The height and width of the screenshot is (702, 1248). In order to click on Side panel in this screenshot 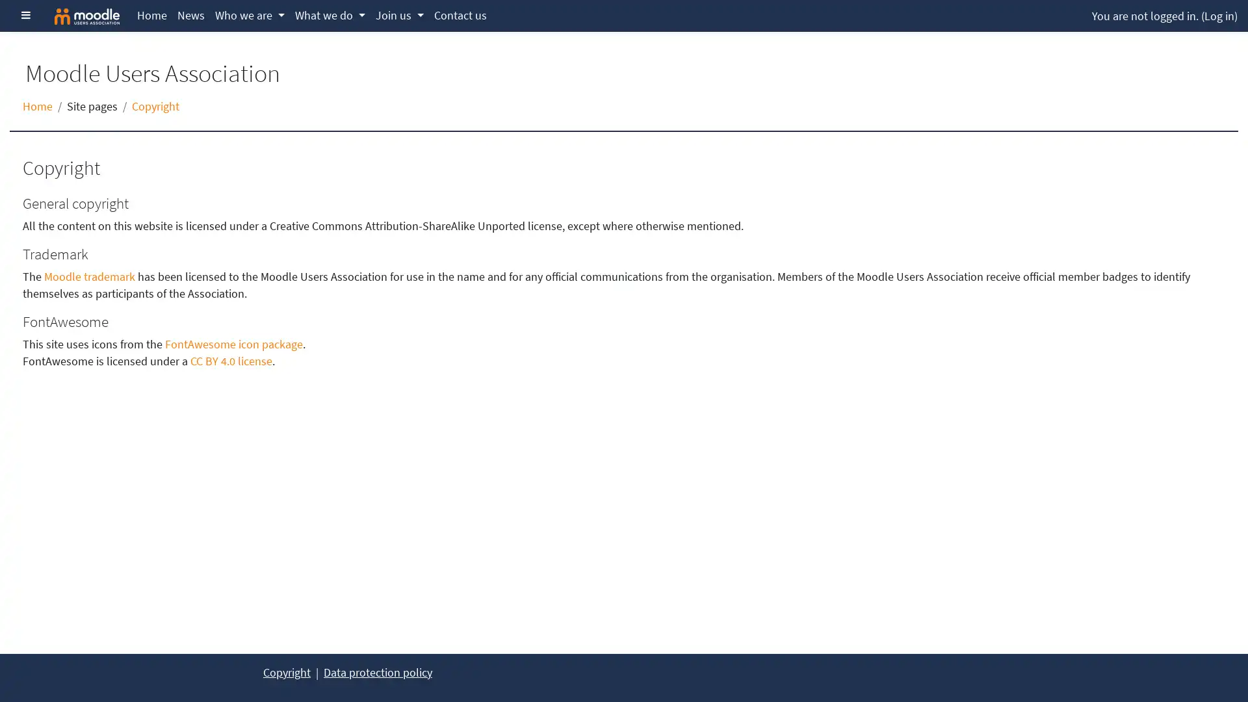, I will do `click(25, 15)`.